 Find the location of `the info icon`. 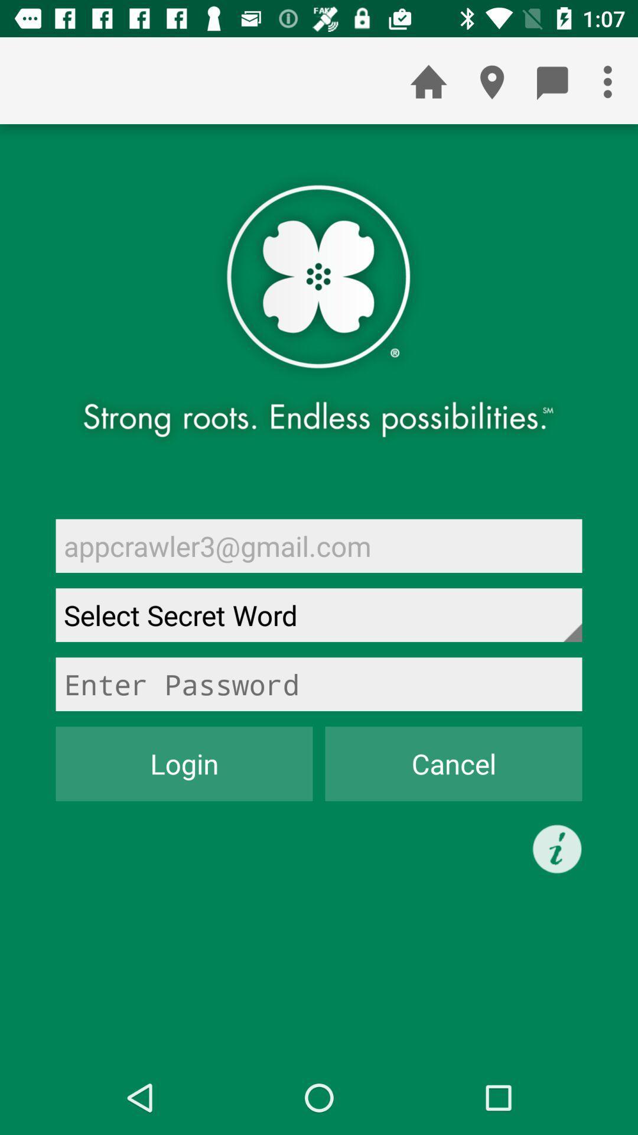

the info icon is located at coordinates (557, 848).